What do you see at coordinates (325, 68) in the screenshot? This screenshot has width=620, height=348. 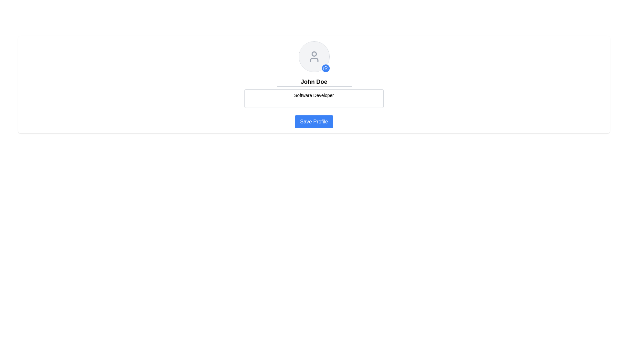 I see `the body part of the decorative camera icon used for editing or uploading the user profile picture, located at the top-right section of the profile image` at bounding box center [325, 68].